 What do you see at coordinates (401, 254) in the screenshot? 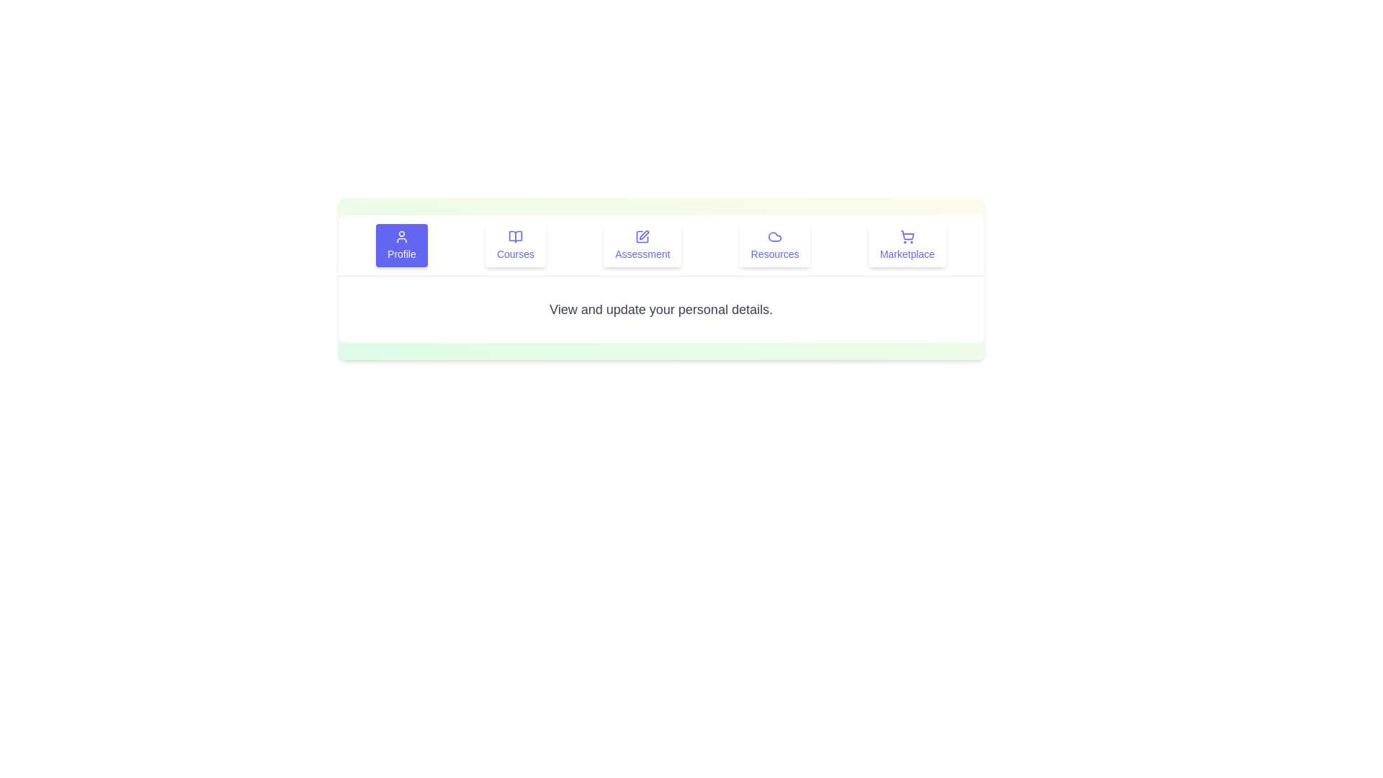
I see `the 'Profile' text label, which is displayed in a small-sized, white-colored font on a rounded indigo button, located centrally in the bottom section of the first button in a horizontal menu bar` at bounding box center [401, 254].